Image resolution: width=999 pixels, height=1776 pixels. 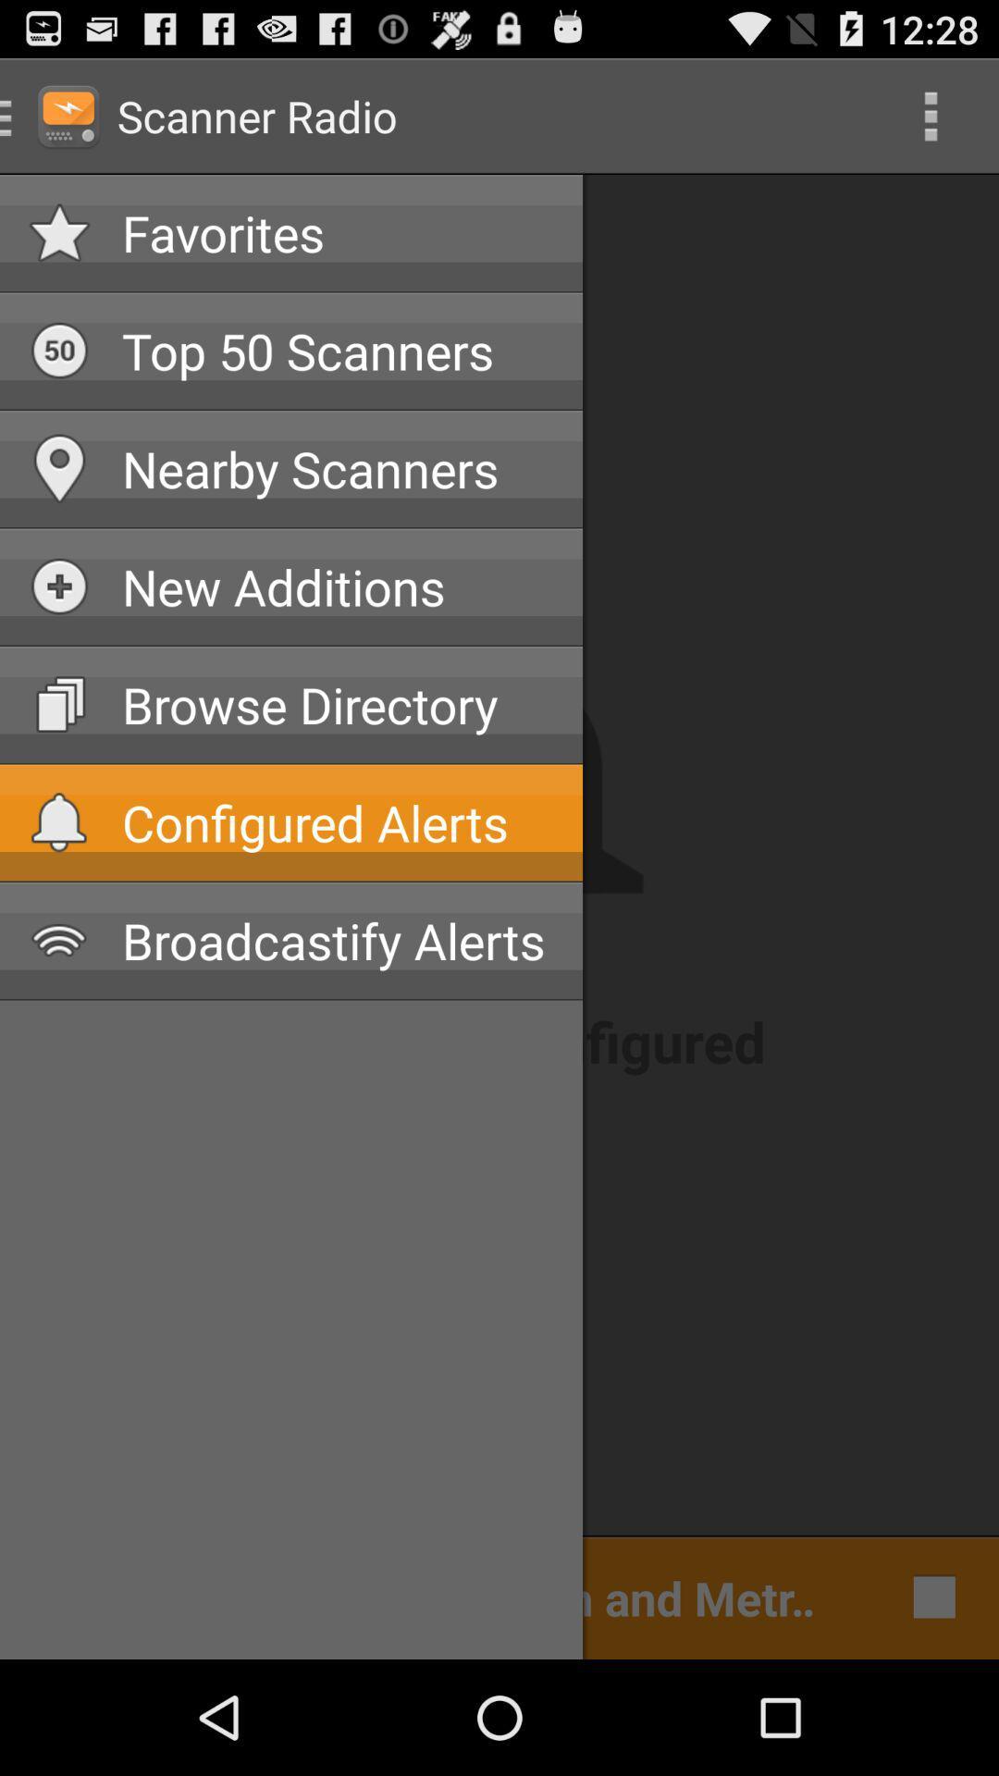 What do you see at coordinates (338, 941) in the screenshot?
I see `the icon below configured alerts` at bounding box center [338, 941].